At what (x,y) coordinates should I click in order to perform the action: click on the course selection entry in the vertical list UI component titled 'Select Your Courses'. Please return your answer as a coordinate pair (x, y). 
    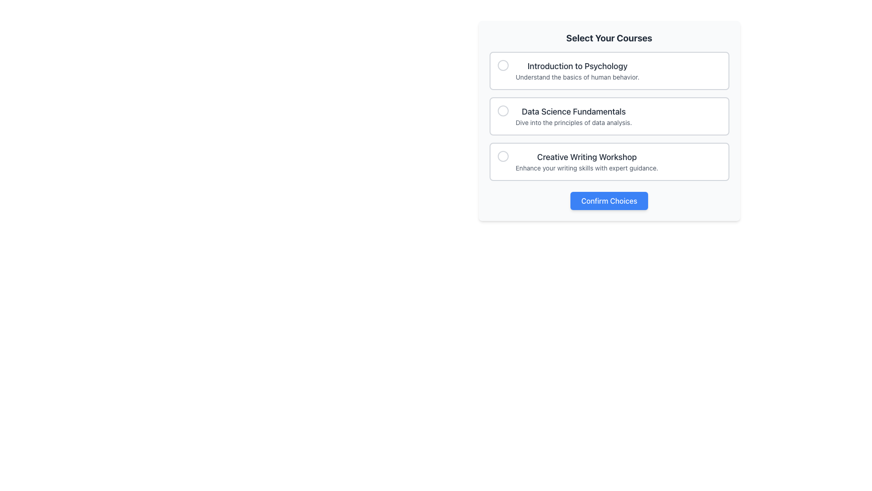
    Looking at the image, I should click on (609, 115).